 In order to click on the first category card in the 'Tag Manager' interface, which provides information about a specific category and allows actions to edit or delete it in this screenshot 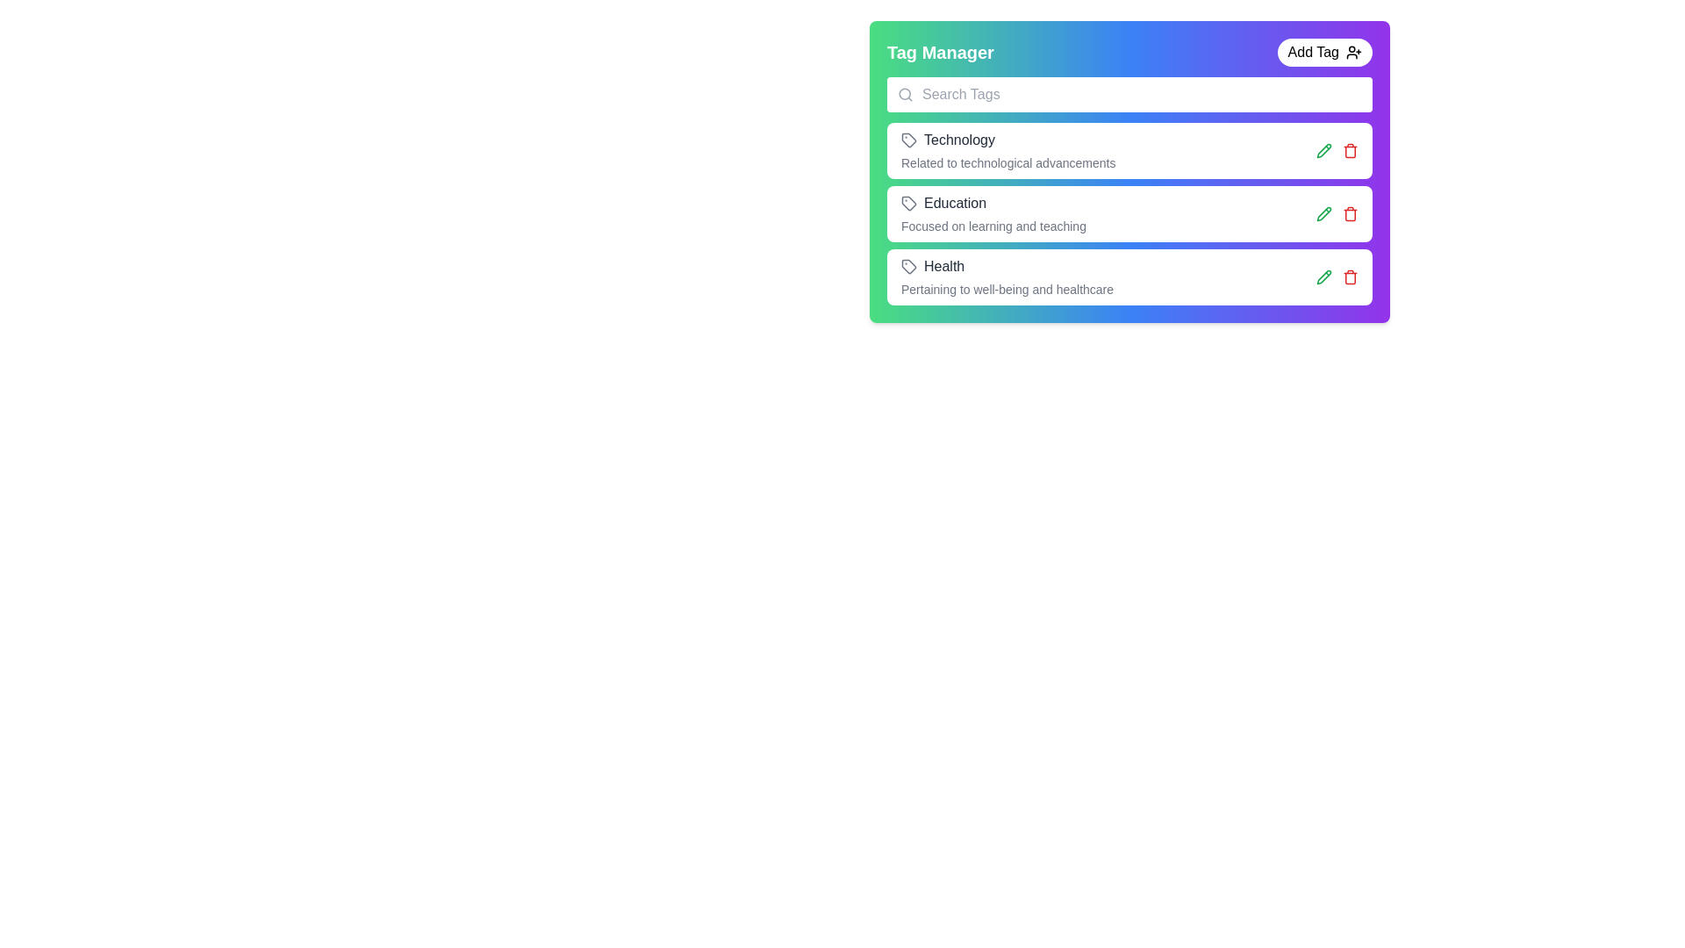, I will do `click(1129, 150)`.